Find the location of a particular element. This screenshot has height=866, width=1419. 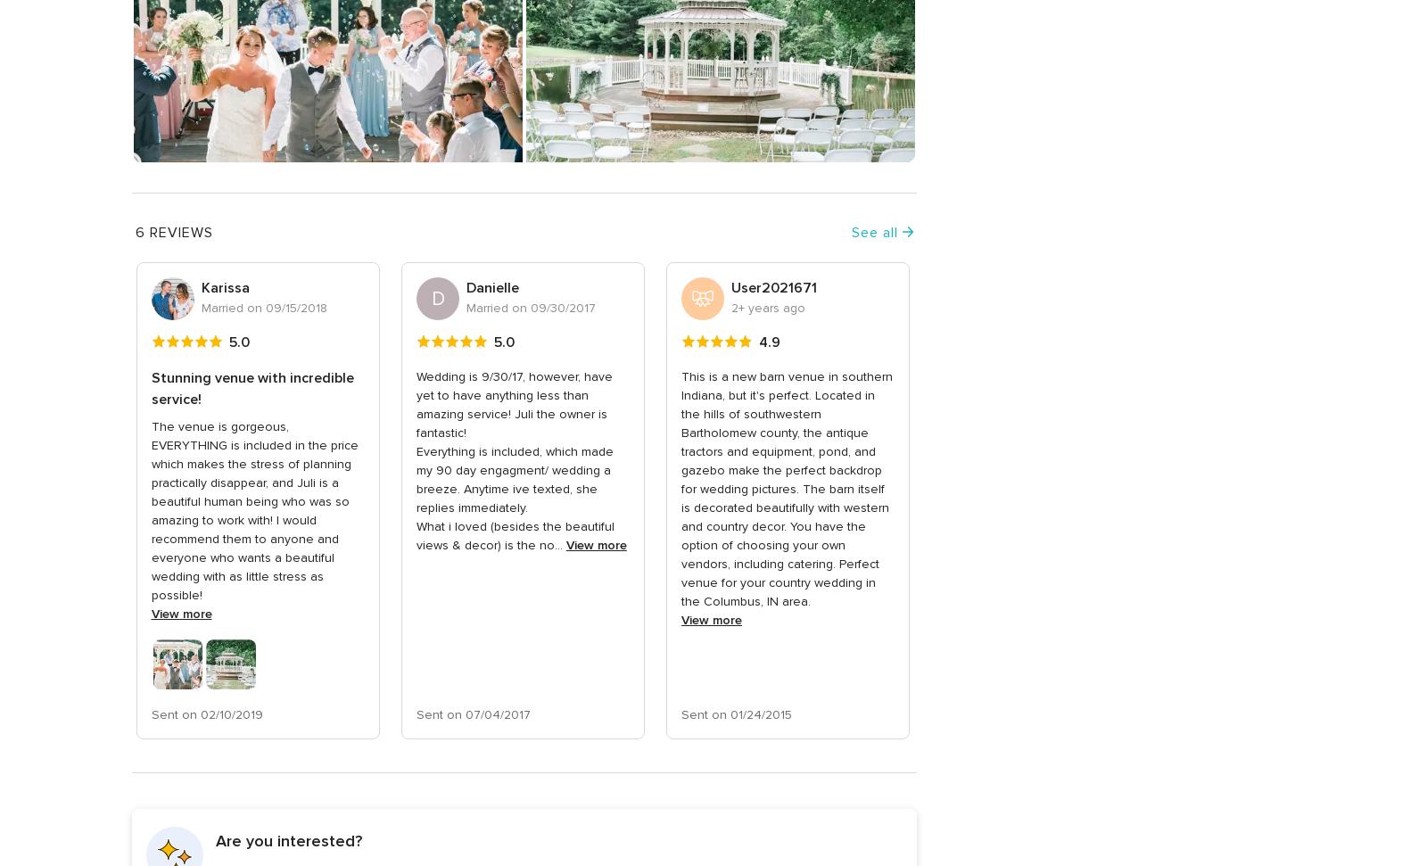

'User2021671' is located at coordinates (773, 286).